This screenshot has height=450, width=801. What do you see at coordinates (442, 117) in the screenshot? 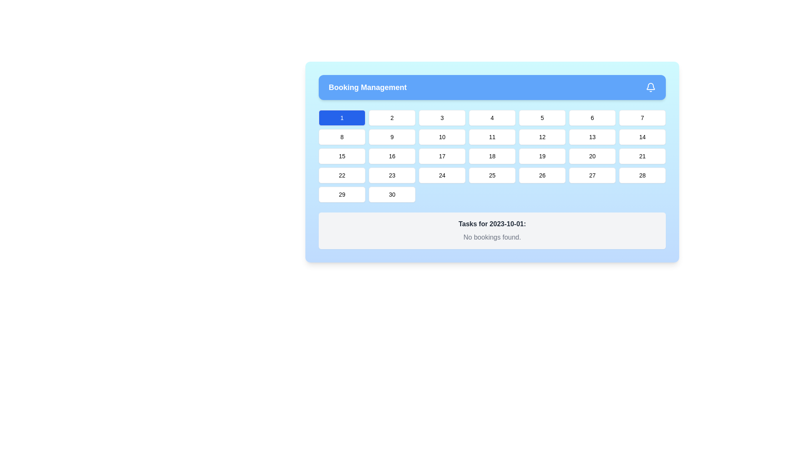
I see `the button representing the day in a calendar interface, located between the buttons labeled '2' and '4' in the first row of a 7-column grid layout` at bounding box center [442, 117].